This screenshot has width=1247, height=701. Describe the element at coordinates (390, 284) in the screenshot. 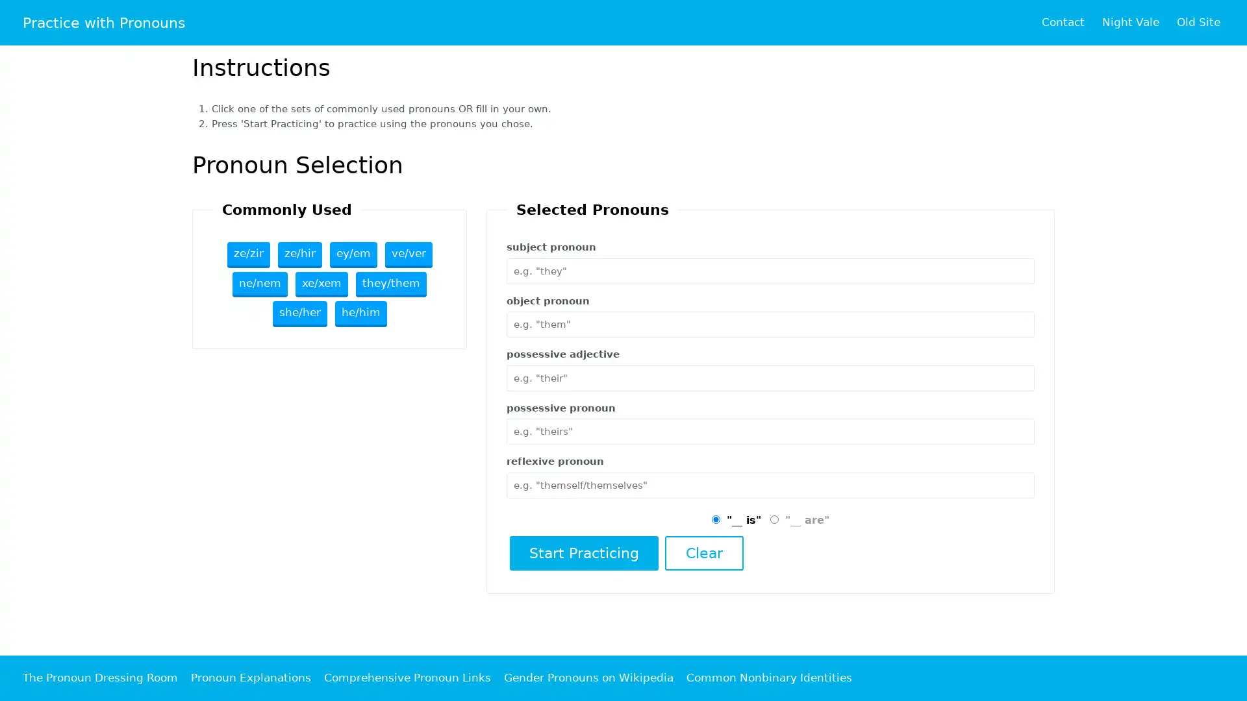

I see `they/them` at that location.